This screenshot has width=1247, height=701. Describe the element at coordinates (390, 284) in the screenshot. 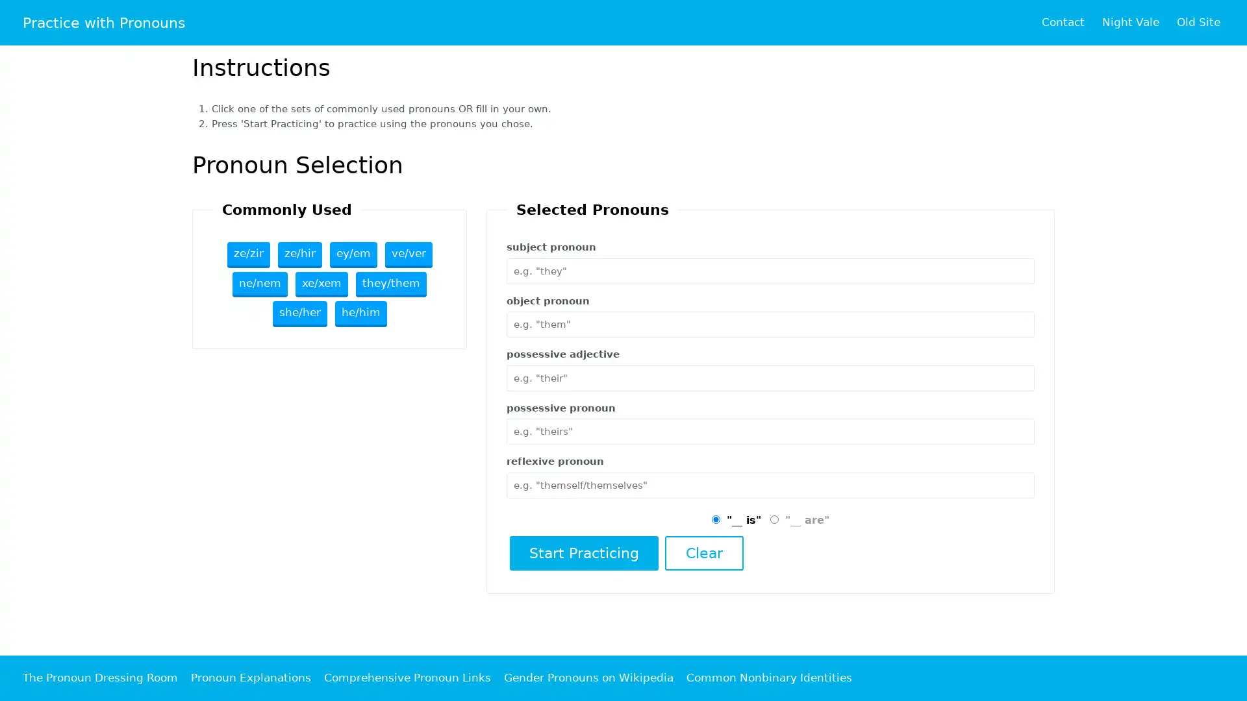

I see `they/them` at that location.